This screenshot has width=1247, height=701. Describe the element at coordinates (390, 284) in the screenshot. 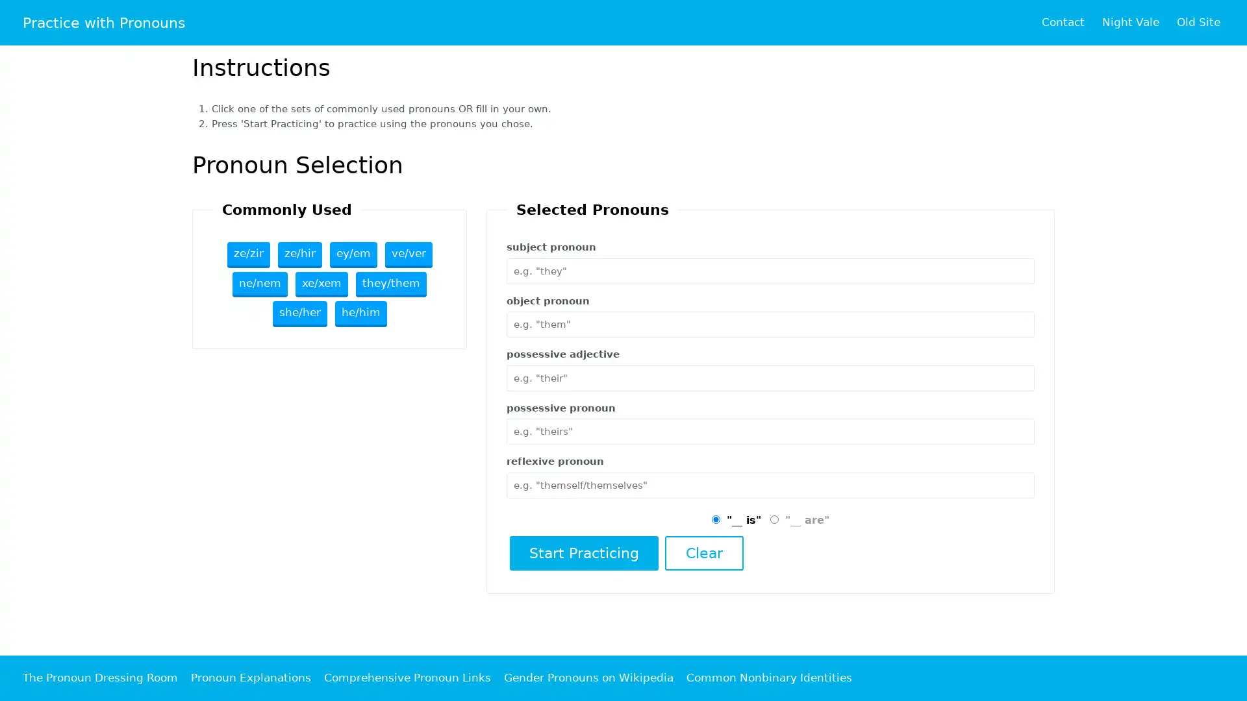

I see `they/them` at that location.